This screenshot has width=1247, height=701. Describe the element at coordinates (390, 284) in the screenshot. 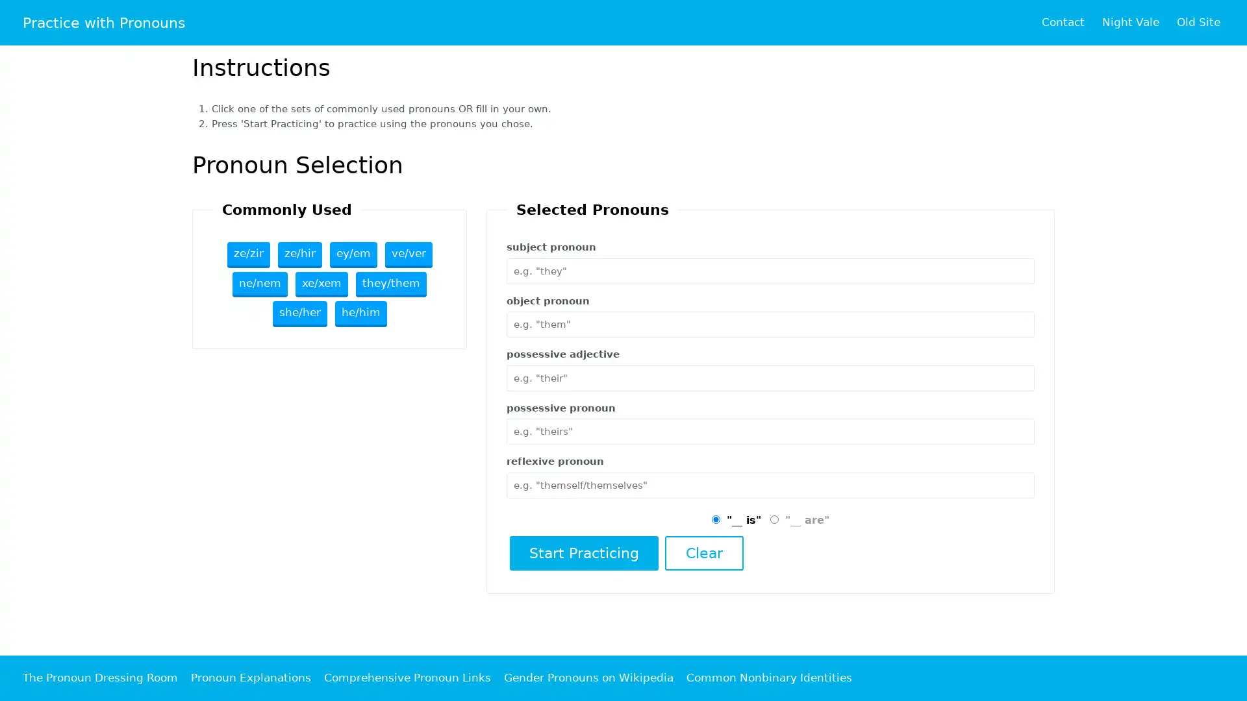

I see `they/them` at that location.